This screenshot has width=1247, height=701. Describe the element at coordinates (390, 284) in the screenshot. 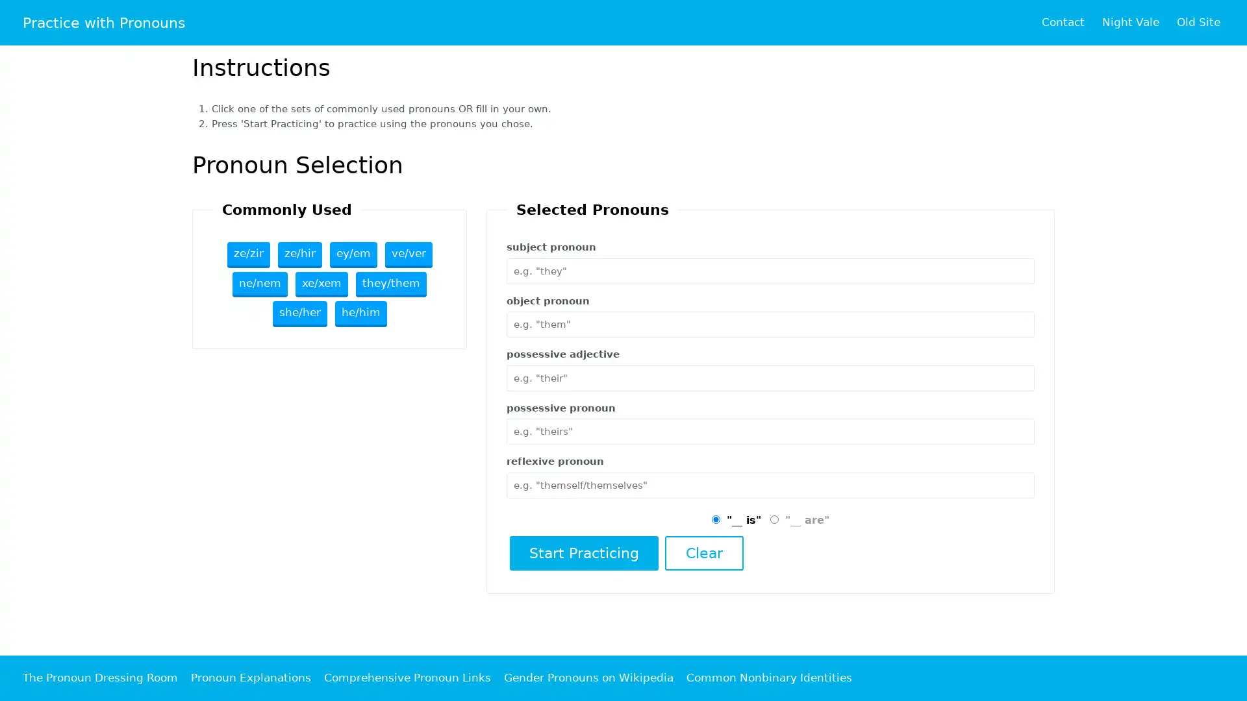

I see `they/them` at that location.